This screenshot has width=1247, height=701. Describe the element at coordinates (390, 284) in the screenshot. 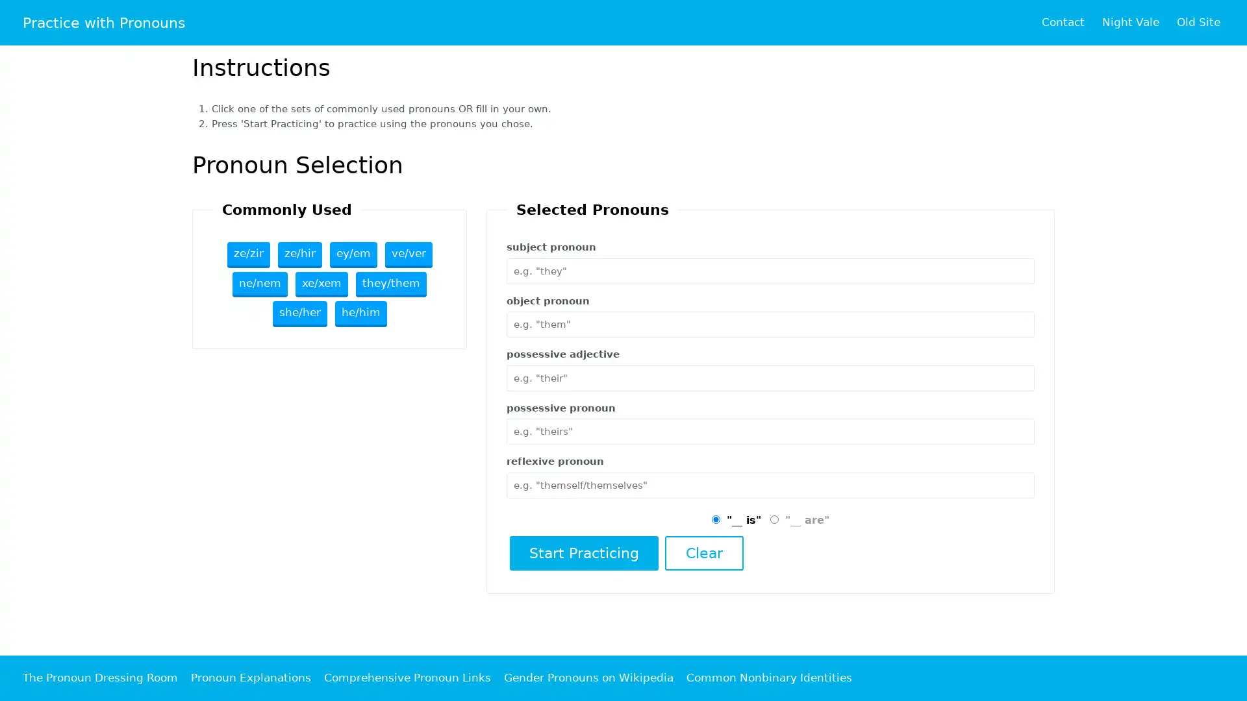

I see `they/them` at that location.